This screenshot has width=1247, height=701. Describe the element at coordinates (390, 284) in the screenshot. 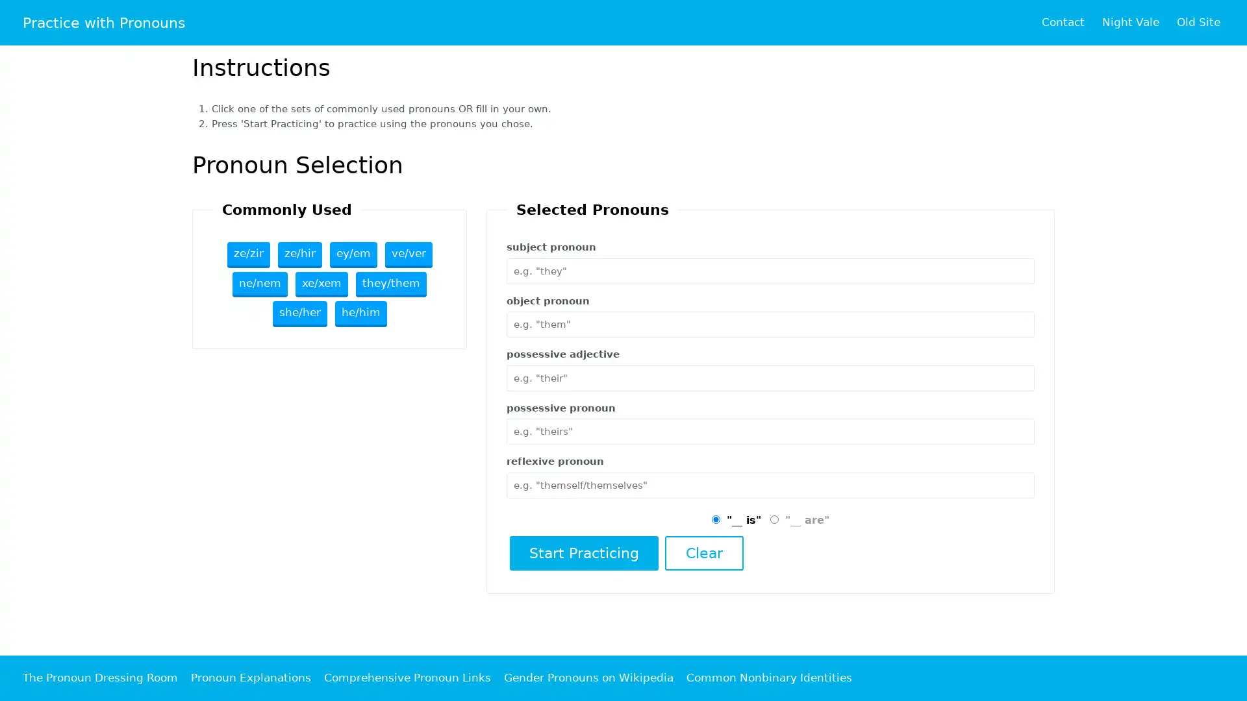

I see `they/them` at that location.